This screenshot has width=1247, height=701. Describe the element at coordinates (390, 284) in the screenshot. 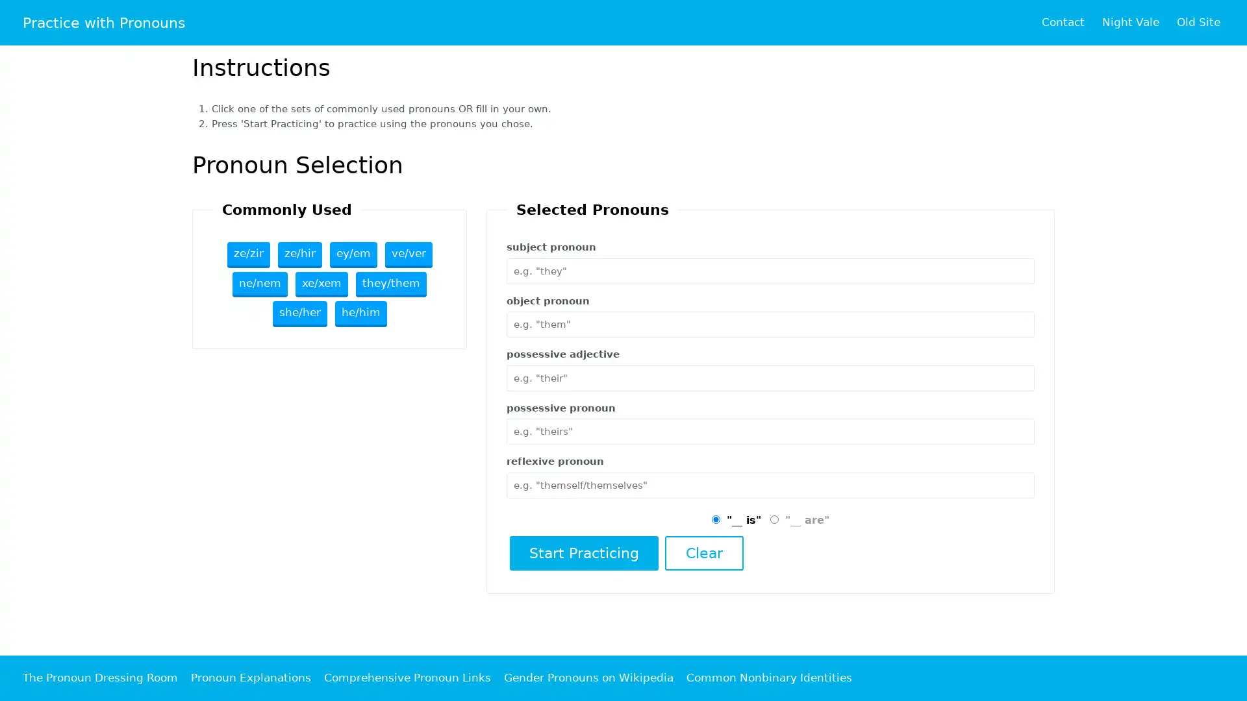

I see `they/them` at that location.